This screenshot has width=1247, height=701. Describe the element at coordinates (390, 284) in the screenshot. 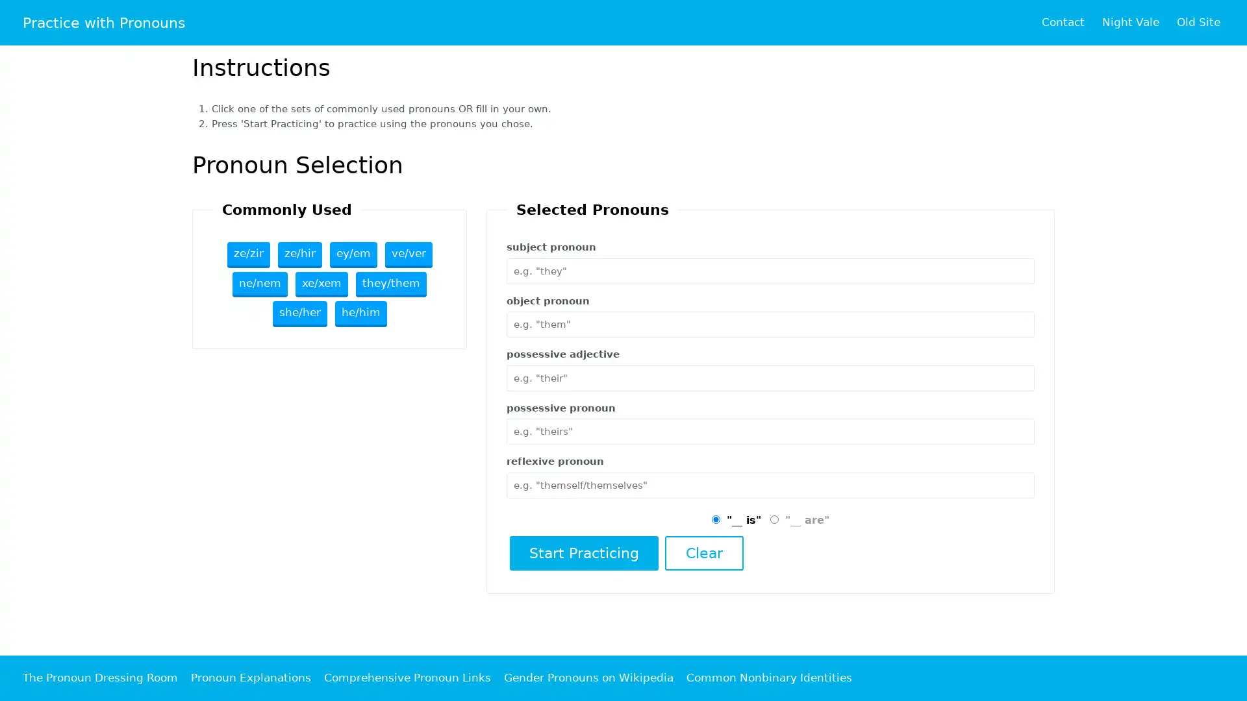

I see `they/them` at that location.